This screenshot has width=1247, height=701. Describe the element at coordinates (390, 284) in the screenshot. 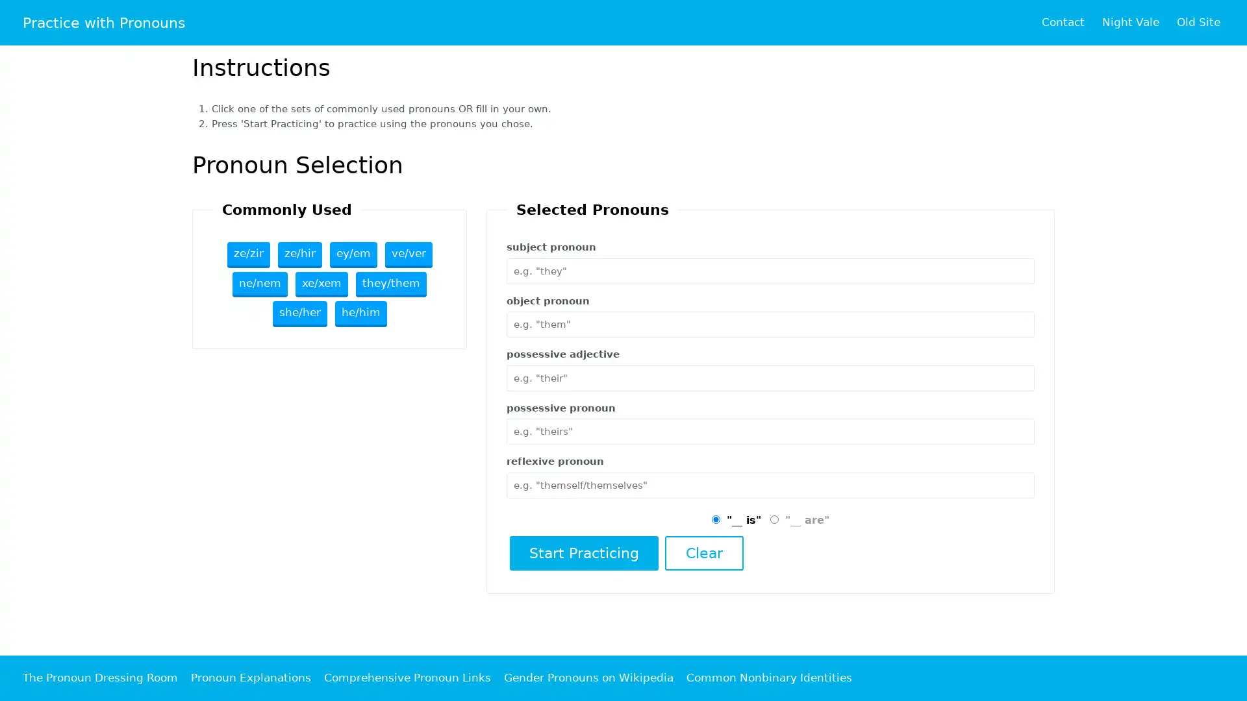

I see `they/them` at that location.